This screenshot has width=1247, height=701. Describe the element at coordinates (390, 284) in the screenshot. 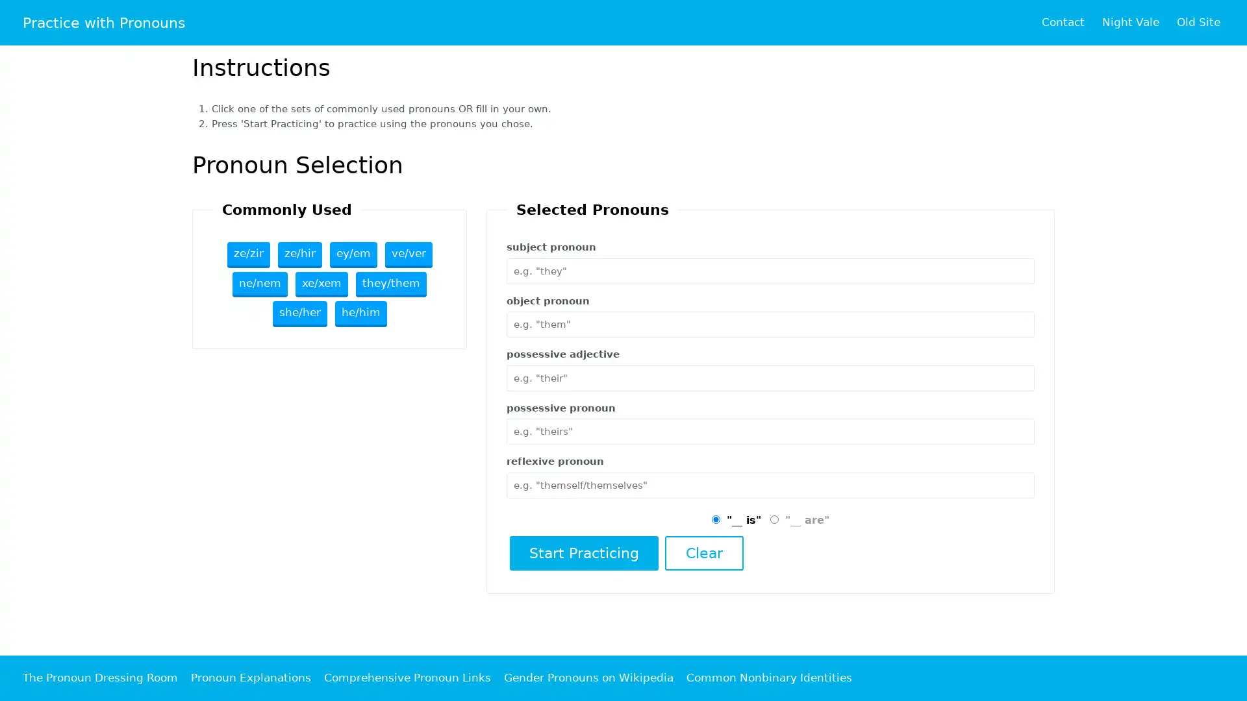

I see `they/them` at that location.